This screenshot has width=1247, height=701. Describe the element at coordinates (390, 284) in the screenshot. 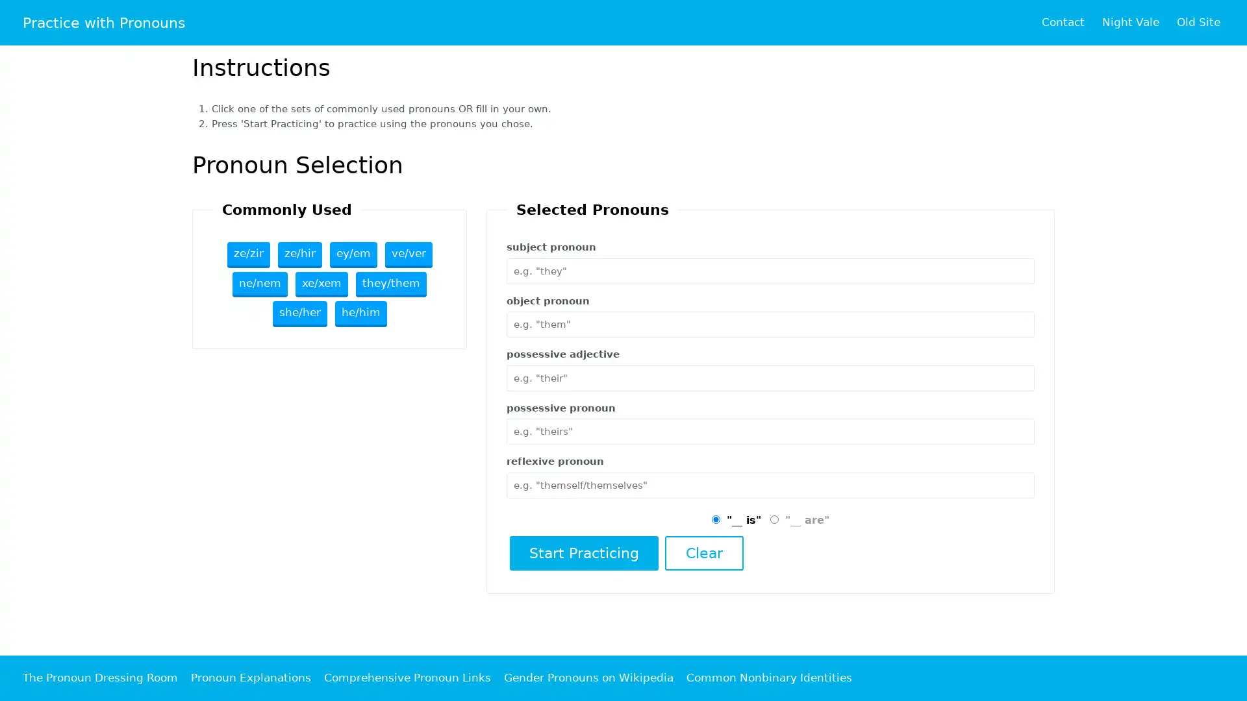

I see `they/them` at that location.